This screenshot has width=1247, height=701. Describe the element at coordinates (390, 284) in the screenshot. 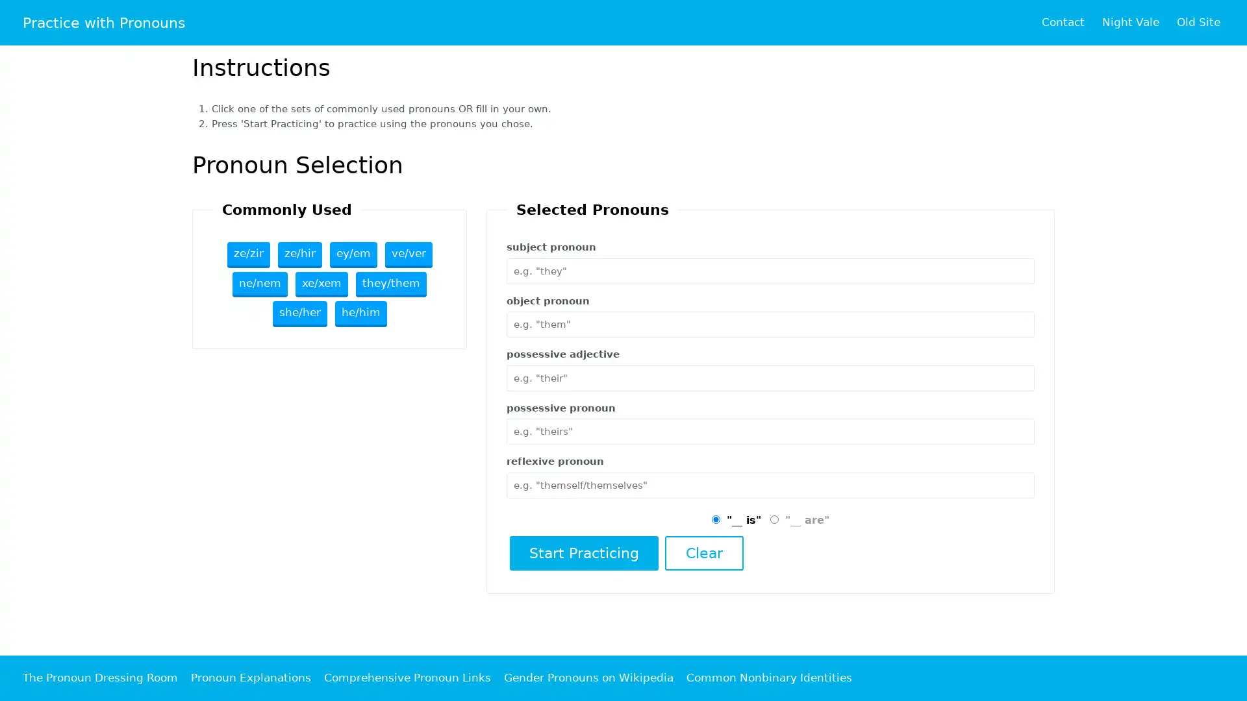

I see `they/them` at that location.